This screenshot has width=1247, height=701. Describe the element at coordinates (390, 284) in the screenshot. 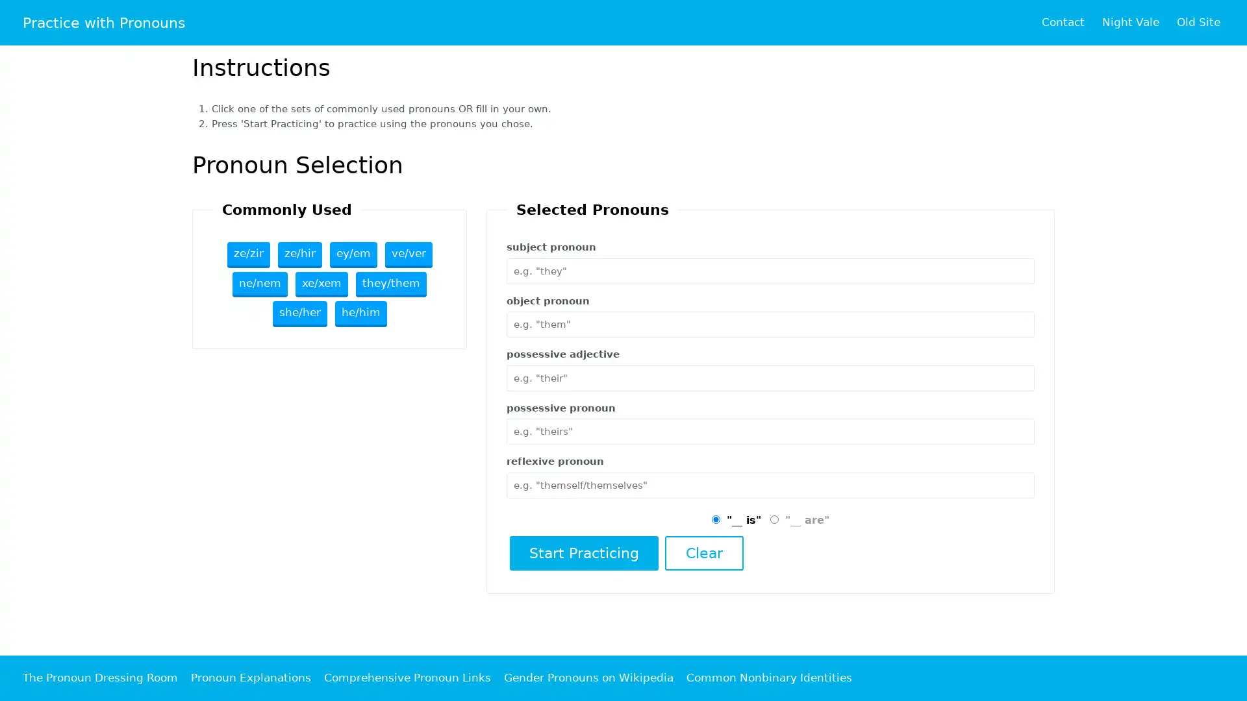

I see `they/them` at that location.